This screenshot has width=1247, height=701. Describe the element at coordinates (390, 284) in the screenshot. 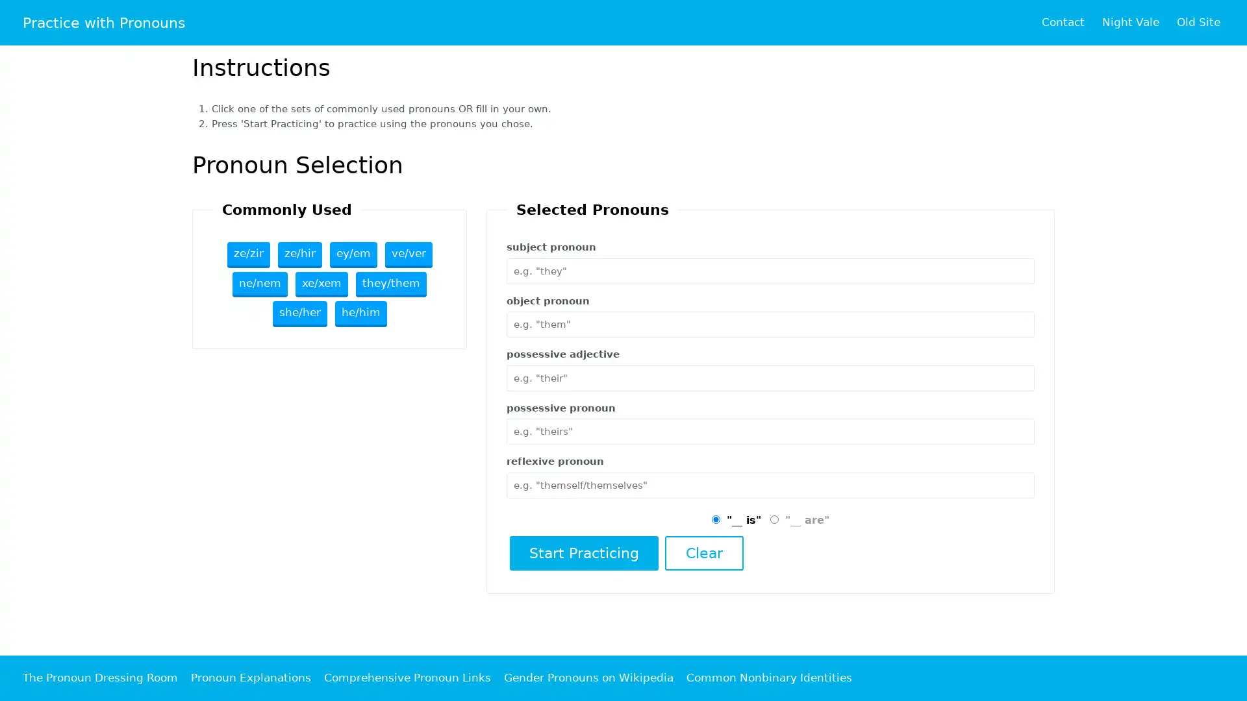

I see `they/them` at that location.